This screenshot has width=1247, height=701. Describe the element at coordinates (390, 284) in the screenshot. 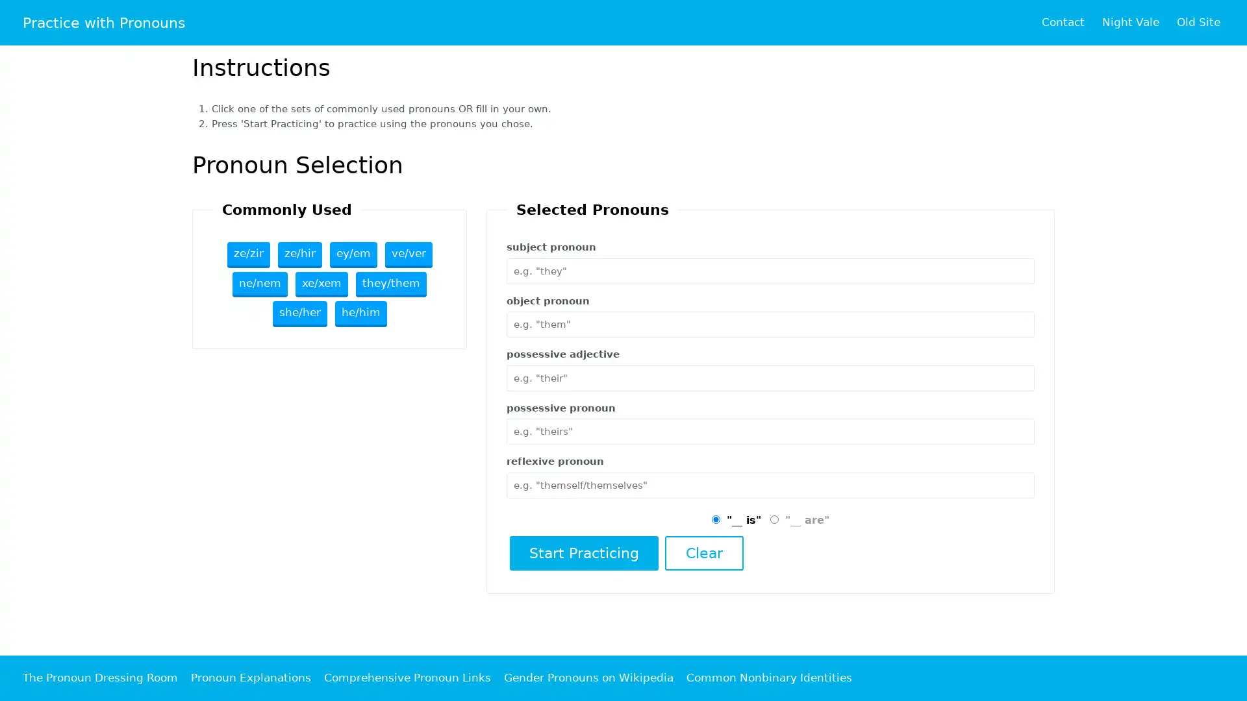

I see `they/them` at that location.